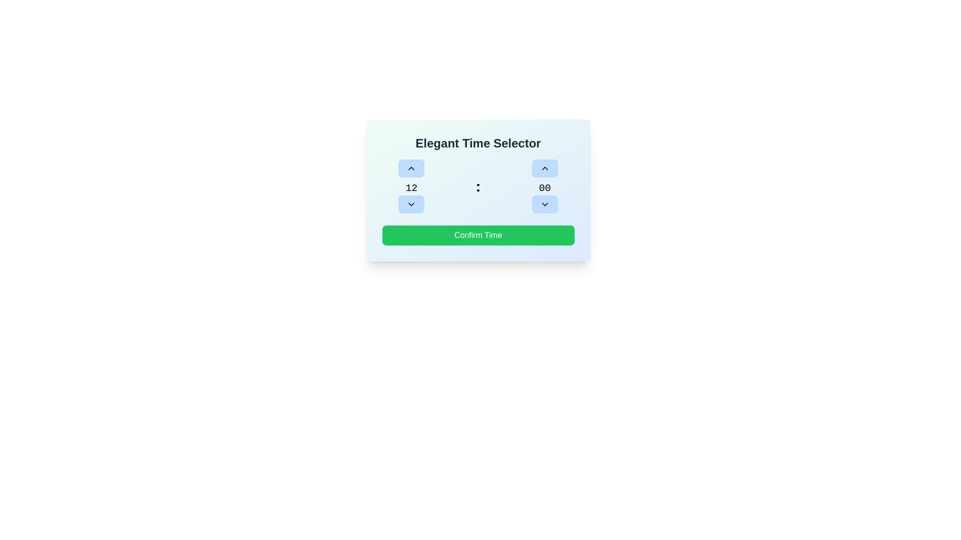  What do you see at coordinates (477, 186) in the screenshot?
I see `the displayed time on the Time Selector Component, which is centrally located below the title 'Elegant Time Selector' and above the 'Confirm Time' button` at bounding box center [477, 186].